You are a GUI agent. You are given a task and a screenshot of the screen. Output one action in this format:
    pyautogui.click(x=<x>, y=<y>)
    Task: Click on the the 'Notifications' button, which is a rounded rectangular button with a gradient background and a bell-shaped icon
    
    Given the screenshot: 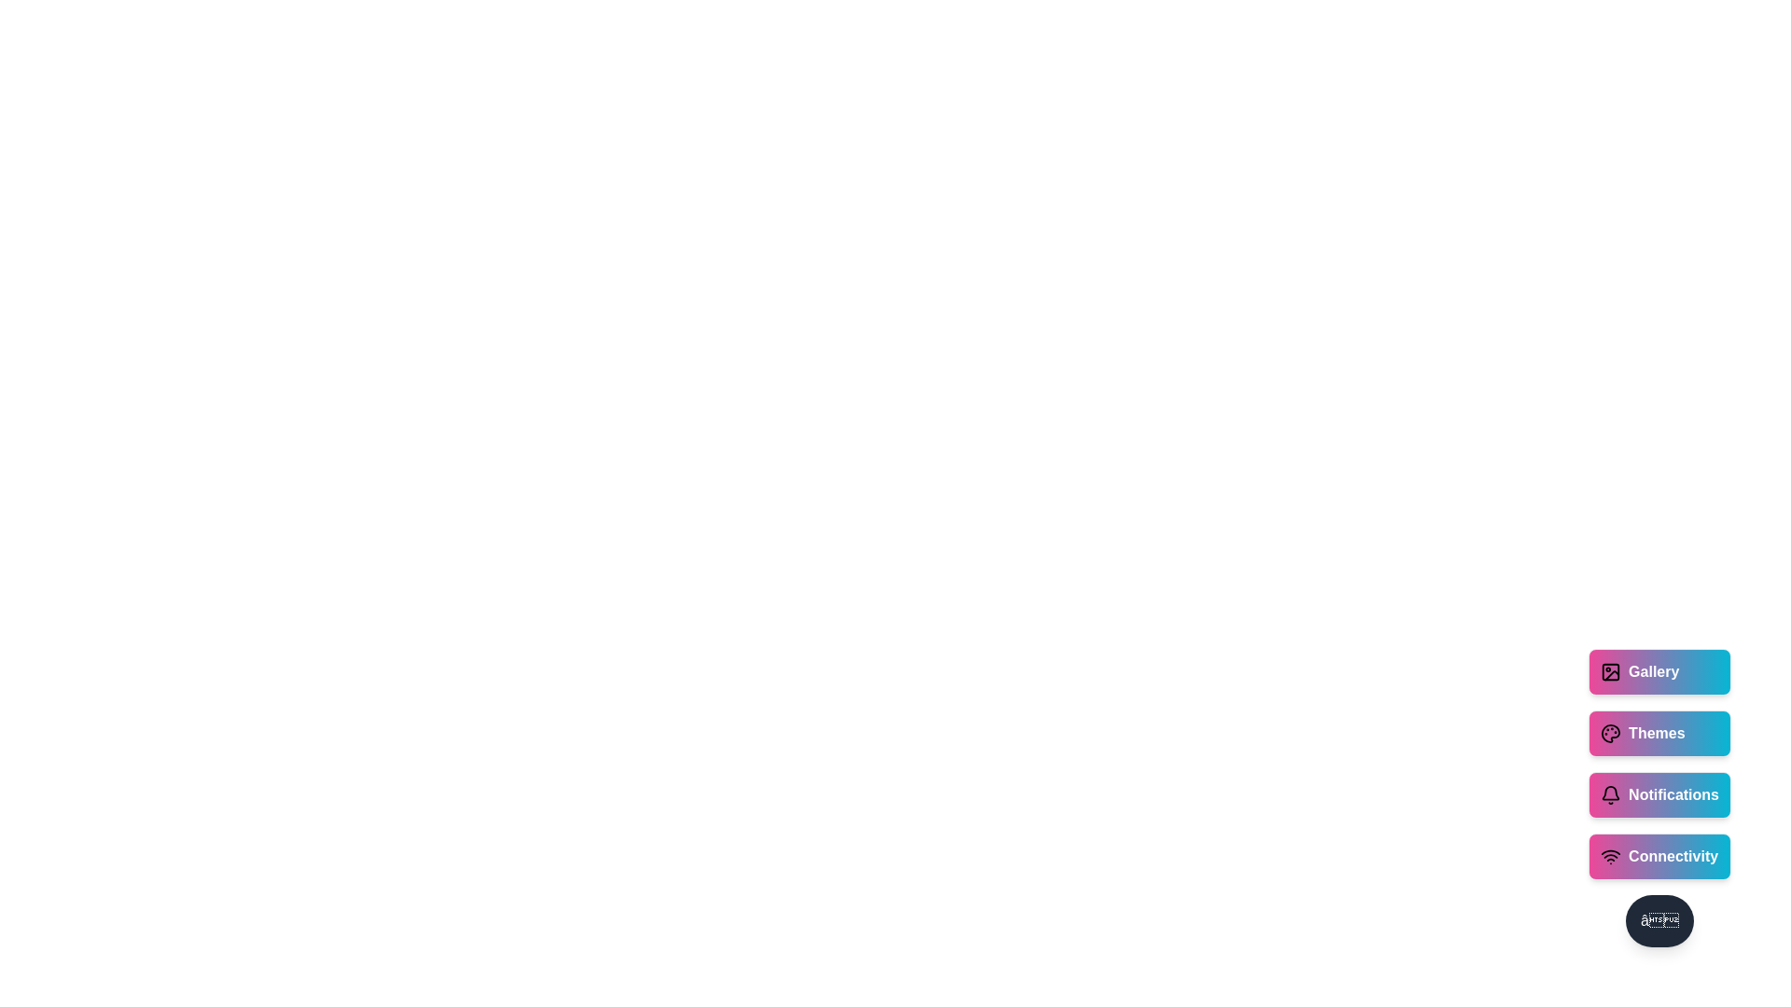 What is the action you would take?
    pyautogui.click(x=1659, y=797)
    